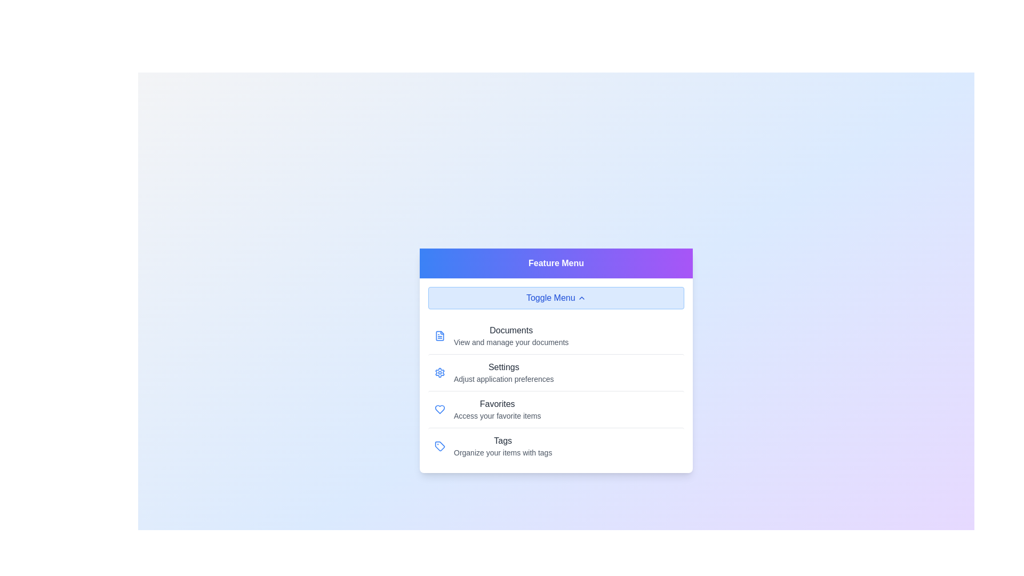 This screenshot has height=576, width=1024. What do you see at coordinates (555, 372) in the screenshot?
I see `the menu option Settings by clicking on it` at bounding box center [555, 372].